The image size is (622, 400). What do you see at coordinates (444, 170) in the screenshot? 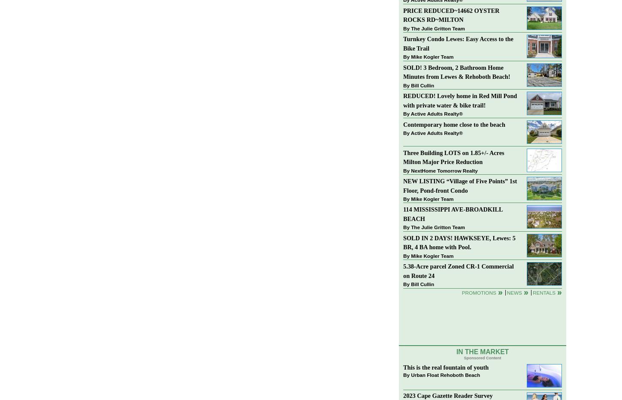
I see `'NextHome Tomorrow Realty'` at bounding box center [444, 170].